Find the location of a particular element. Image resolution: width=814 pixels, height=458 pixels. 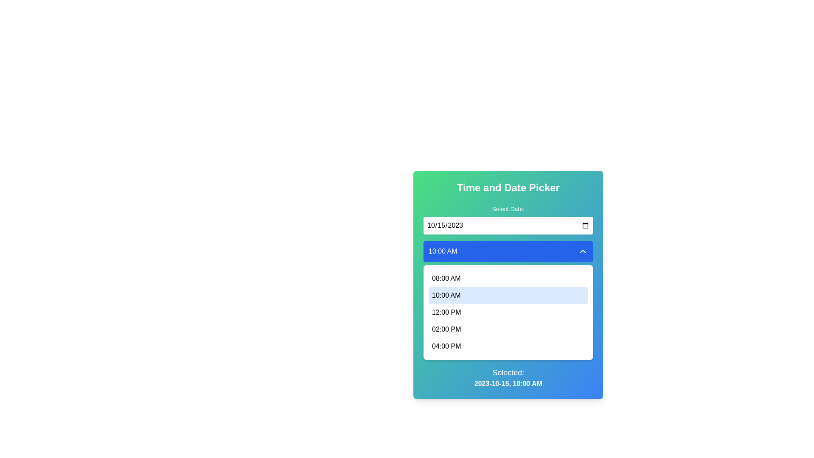

the fourth time slot option in the scheduler interface is located at coordinates (508, 329).